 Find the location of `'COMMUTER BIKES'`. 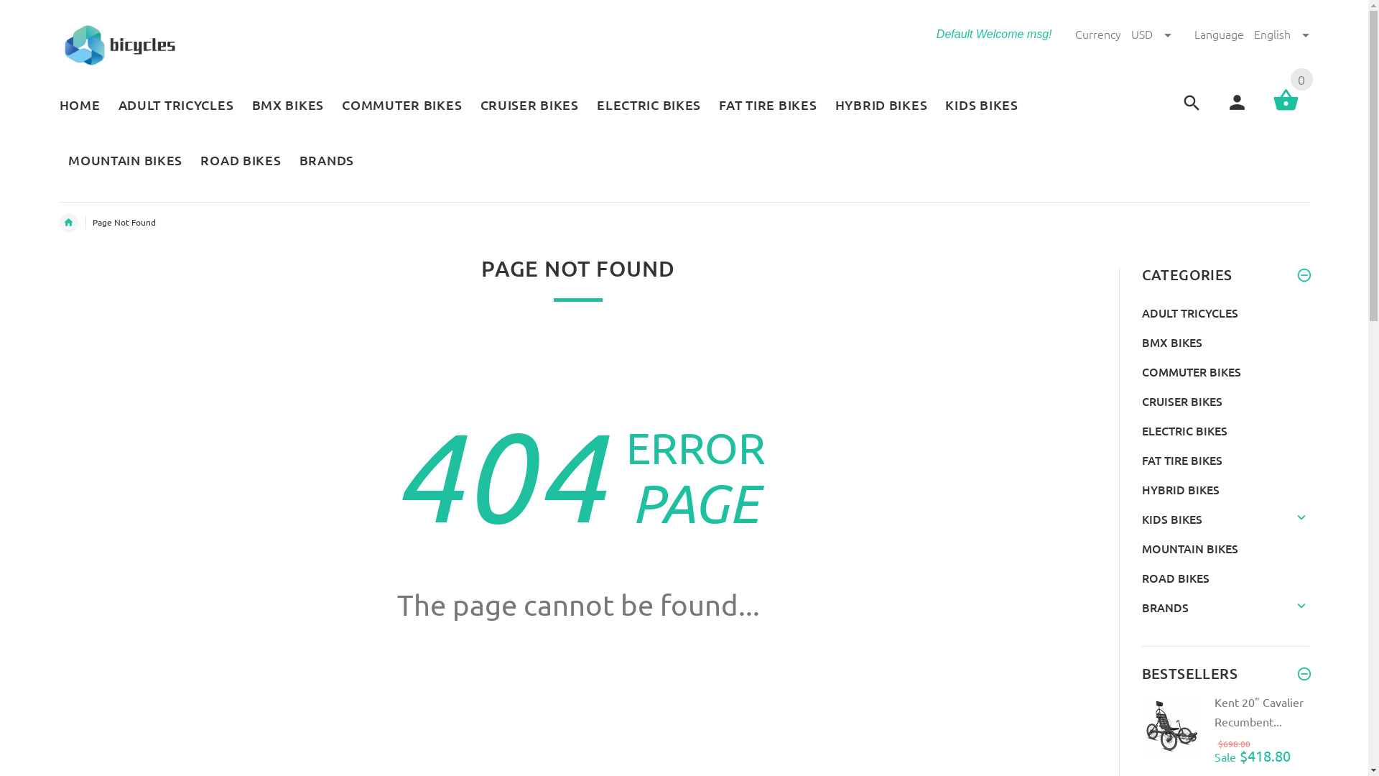

'COMMUTER BIKES' is located at coordinates (1192, 370).